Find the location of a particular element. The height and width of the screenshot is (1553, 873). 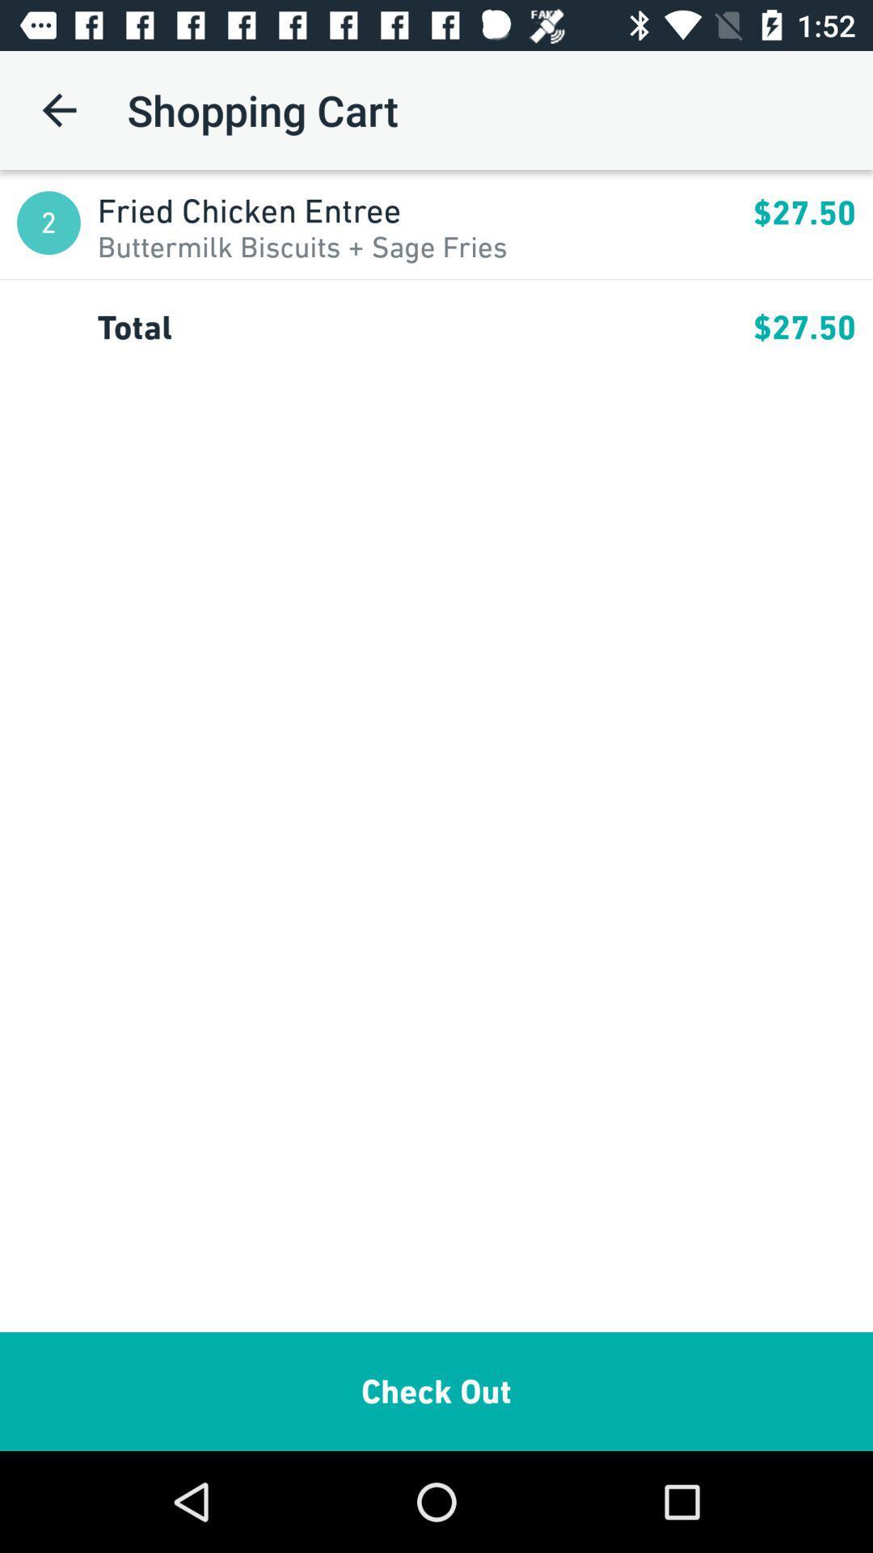

the fried chicken entree is located at coordinates (424, 209).